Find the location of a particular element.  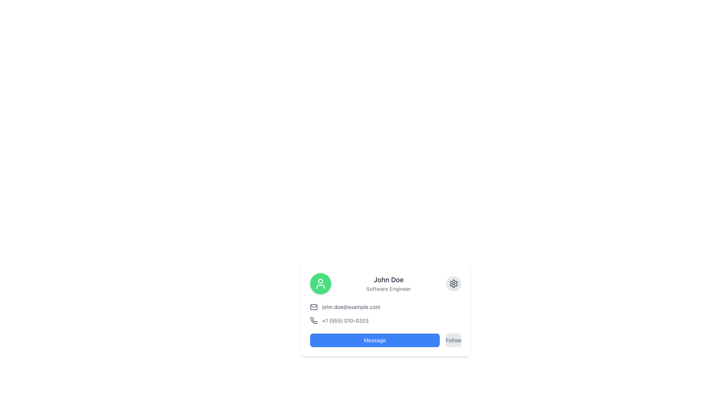

the distinct phone icon rendered in a dark line style, positioned in the user profile card next to the phone number '+1 (555) 010-0203' is located at coordinates (314, 320).